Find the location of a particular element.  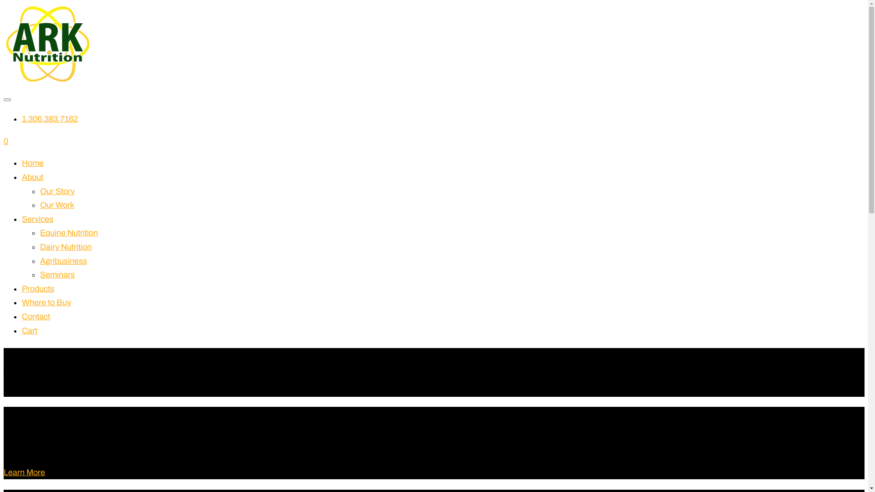

'Services' is located at coordinates (22, 219).